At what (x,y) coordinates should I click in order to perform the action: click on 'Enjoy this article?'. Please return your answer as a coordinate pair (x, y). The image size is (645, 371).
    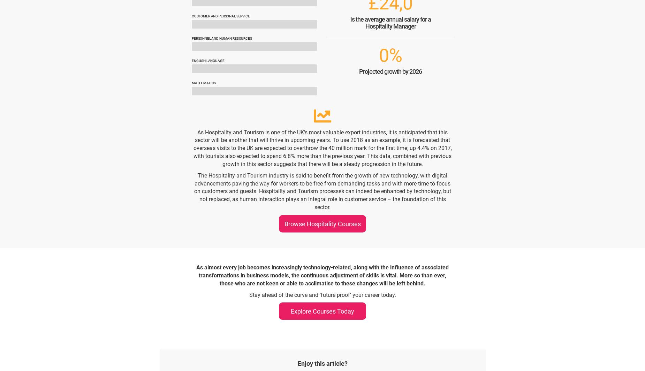
    Looking at the image, I should click on (322, 363).